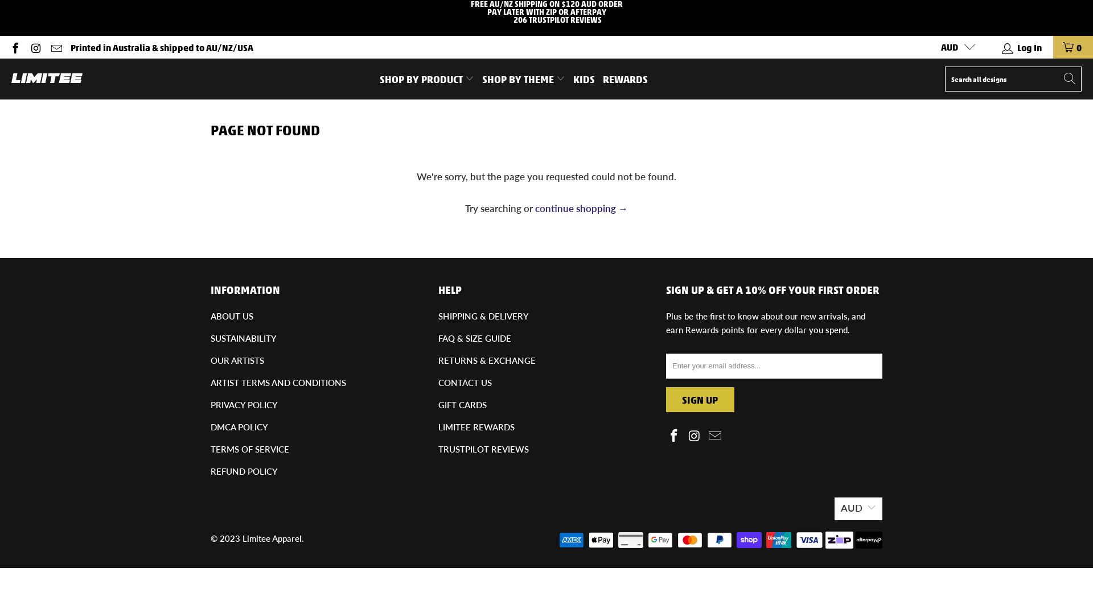  What do you see at coordinates (237, 360) in the screenshot?
I see `'OUR ARTISTS'` at bounding box center [237, 360].